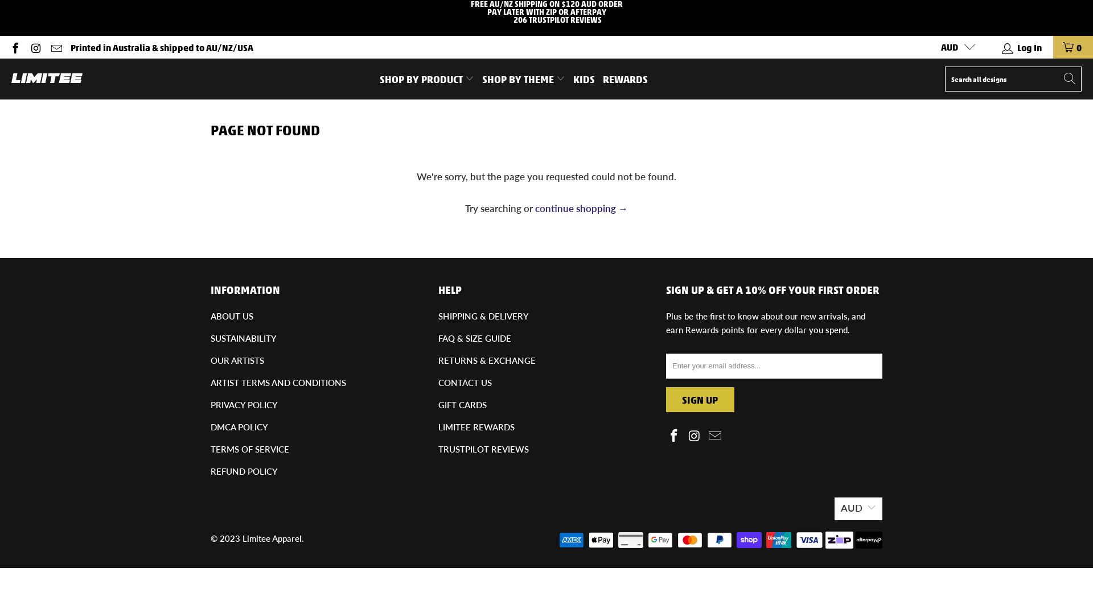  What do you see at coordinates (237, 360) in the screenshot?
I see `'OUR ARTISTS'` at bounding box center [237, 360].